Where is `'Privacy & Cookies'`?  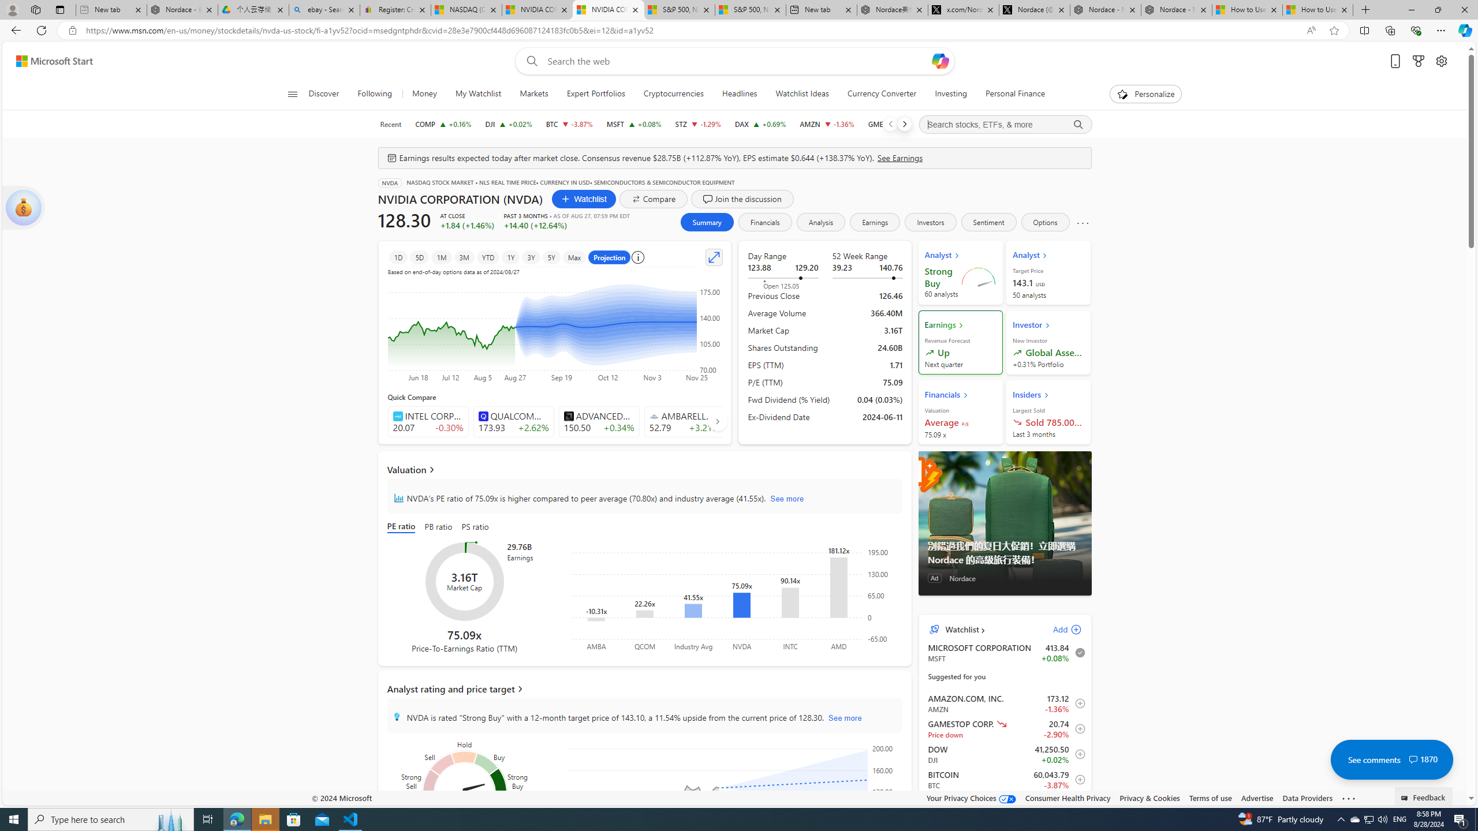 'Privacy & Cookies' is located at coordinates (1148, 798).